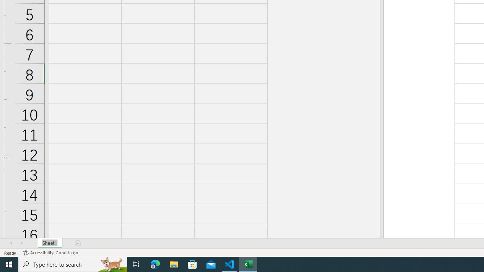 This screenshot has height=272, width=484. Describe the element at coordinates (50, 243) in the screenshot. I see `'Sheet Tab'` at that location.